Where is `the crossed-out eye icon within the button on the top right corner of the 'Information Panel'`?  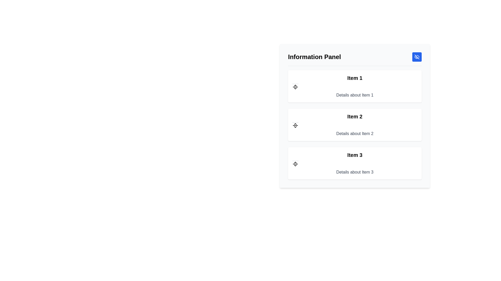 the crossed-out eye icon within the button on the top right corner of the 'Information Panel' is located at coordinates (417, 57).